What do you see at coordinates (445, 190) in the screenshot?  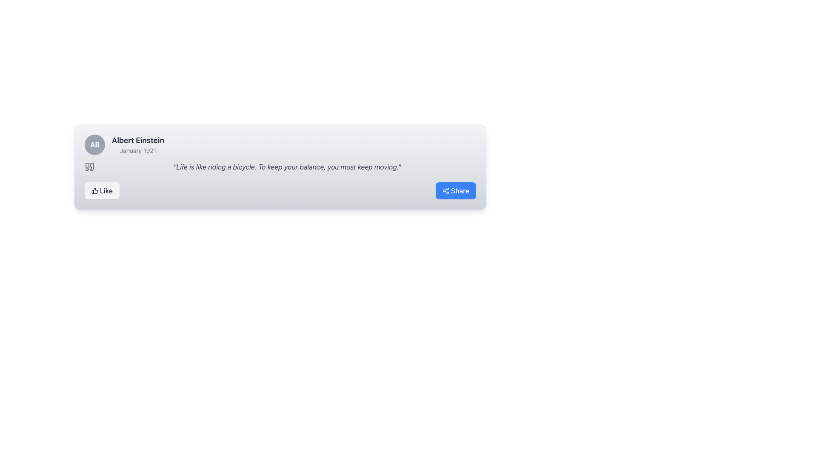 I see `the 'Share' icon, which is a white SVG icon on a blue button located at the bottom right of a quote box` at bounding box center [445, 190].